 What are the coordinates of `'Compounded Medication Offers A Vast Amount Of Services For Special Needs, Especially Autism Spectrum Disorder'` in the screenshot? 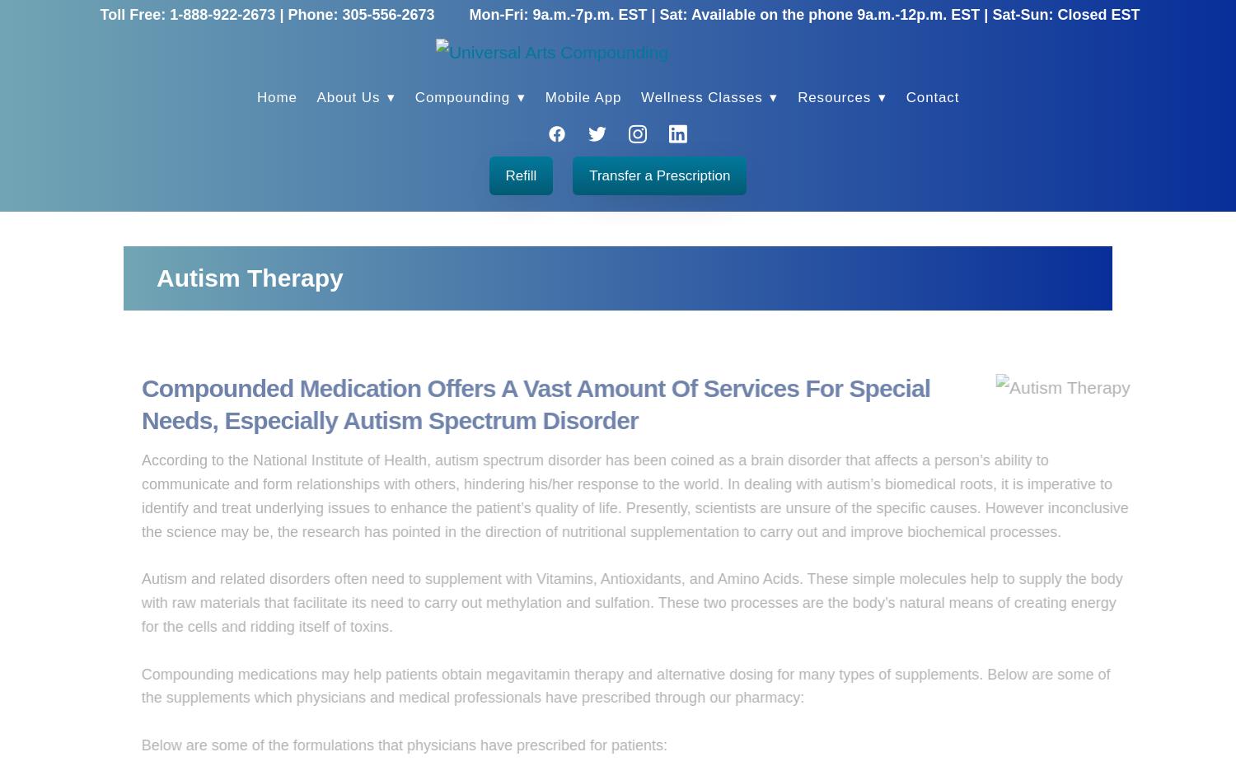 It's located at (517, 404).